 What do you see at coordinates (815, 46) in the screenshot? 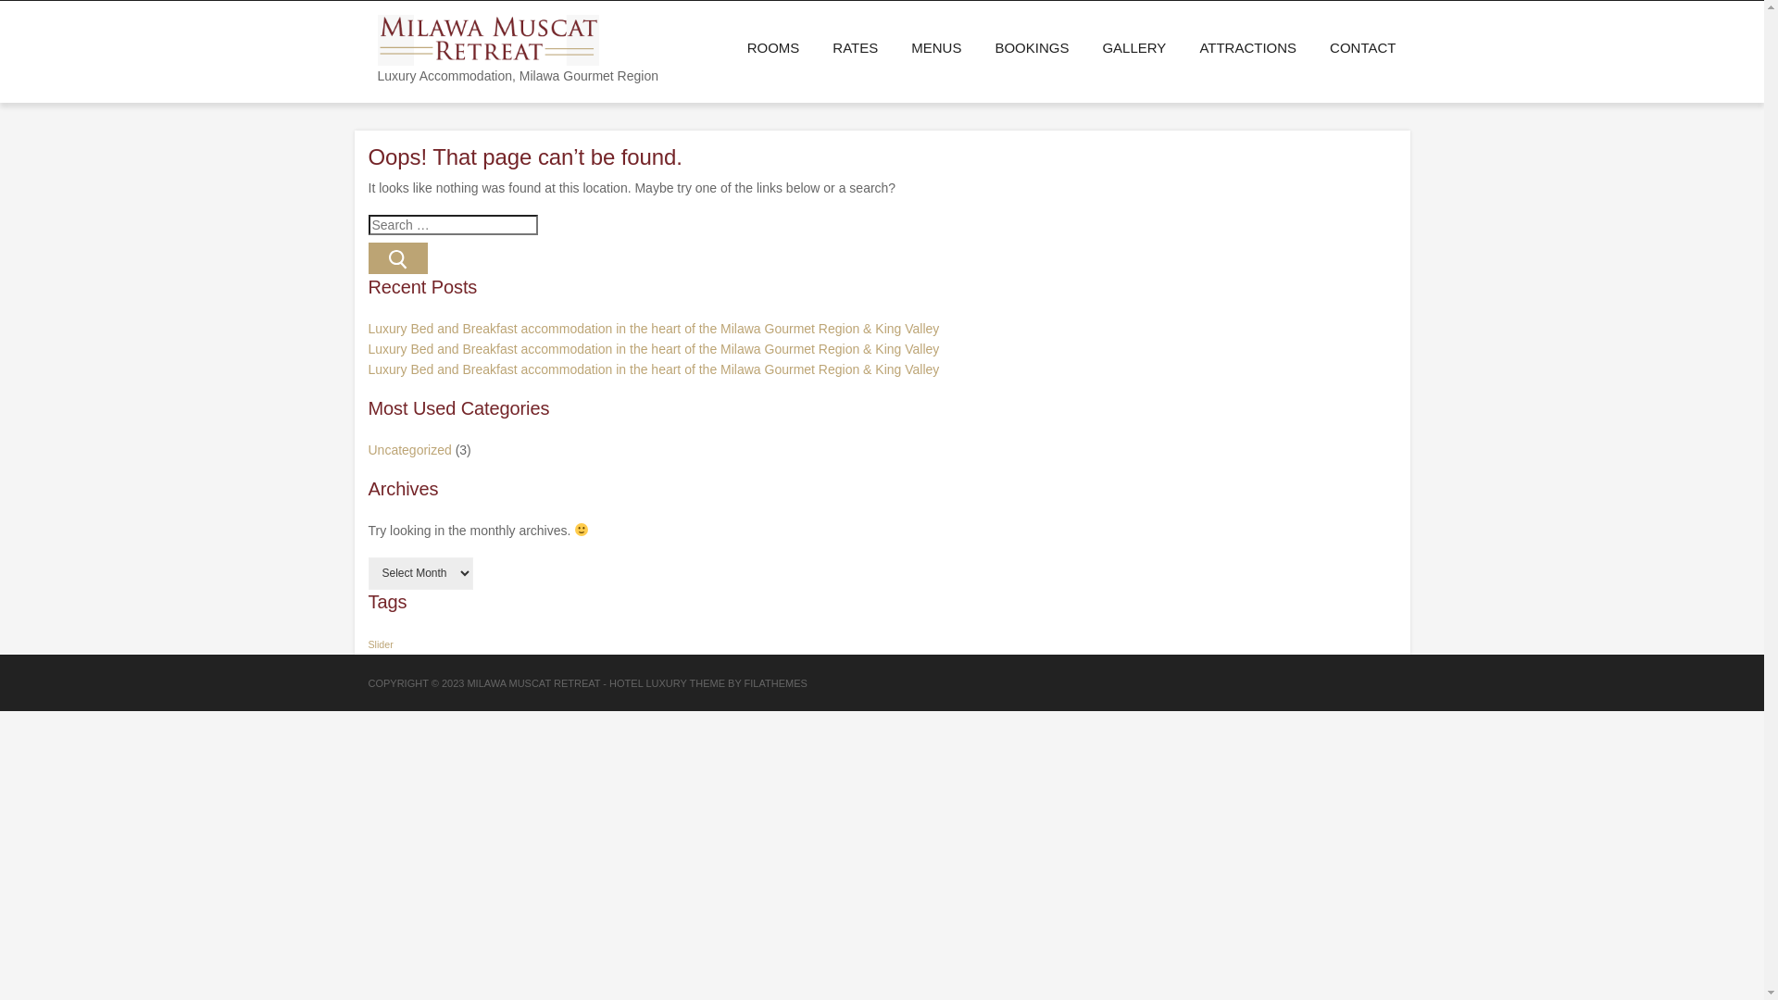
I see `'RATES'` at bounding box center [815, 46].